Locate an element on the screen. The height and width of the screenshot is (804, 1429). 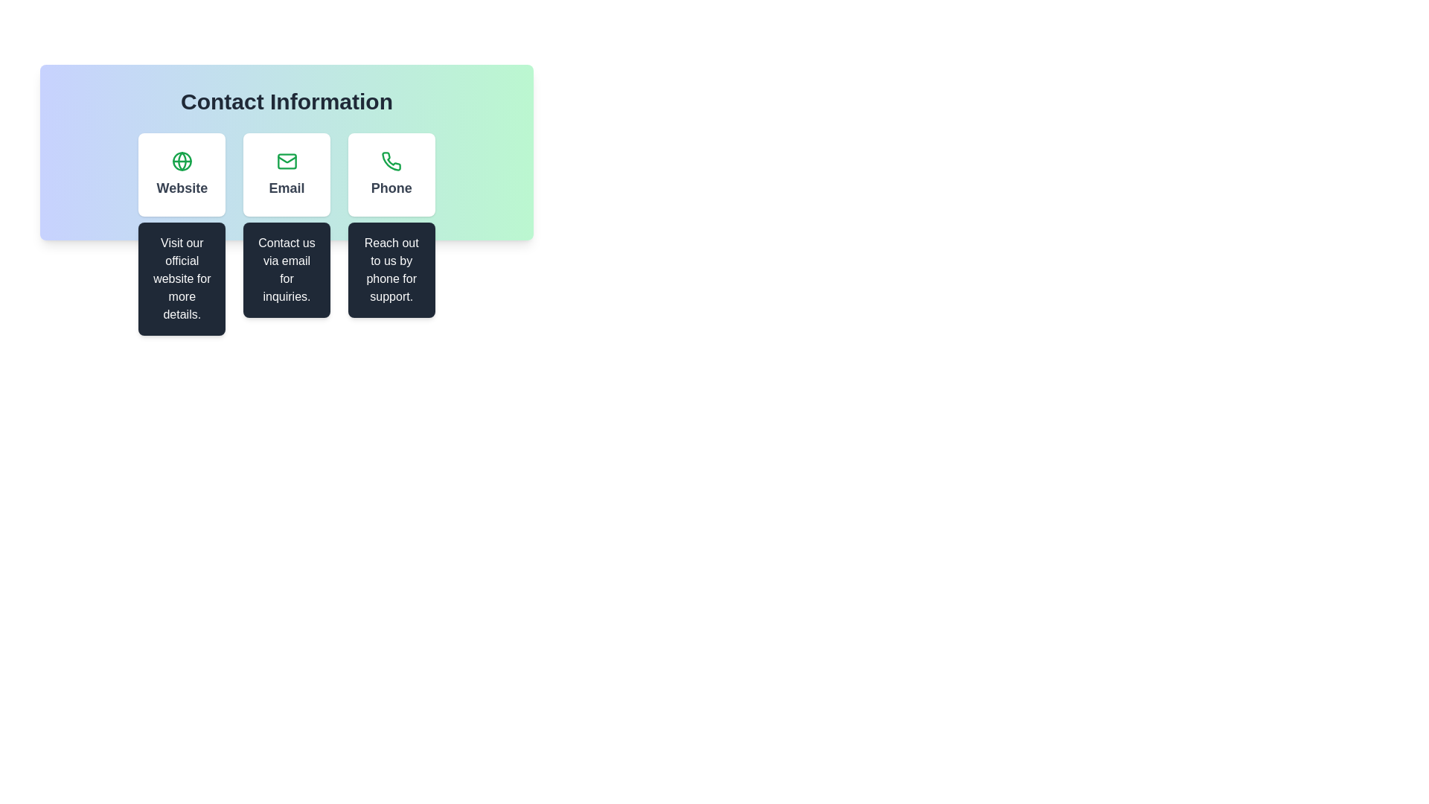
the phone contact icon located in the third column of the contact information section, which is used to initiate phone communication is located at coordinates (391, 161).